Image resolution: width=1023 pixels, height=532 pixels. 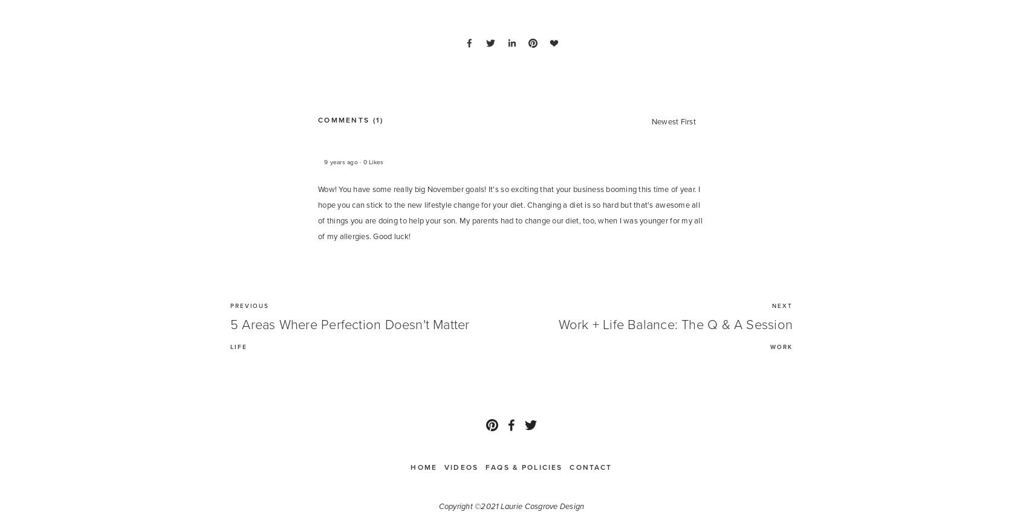 What do you see at coordinates (423, 466) in the screenshot?
I see `'Home'` at bounding box center [423, 466].